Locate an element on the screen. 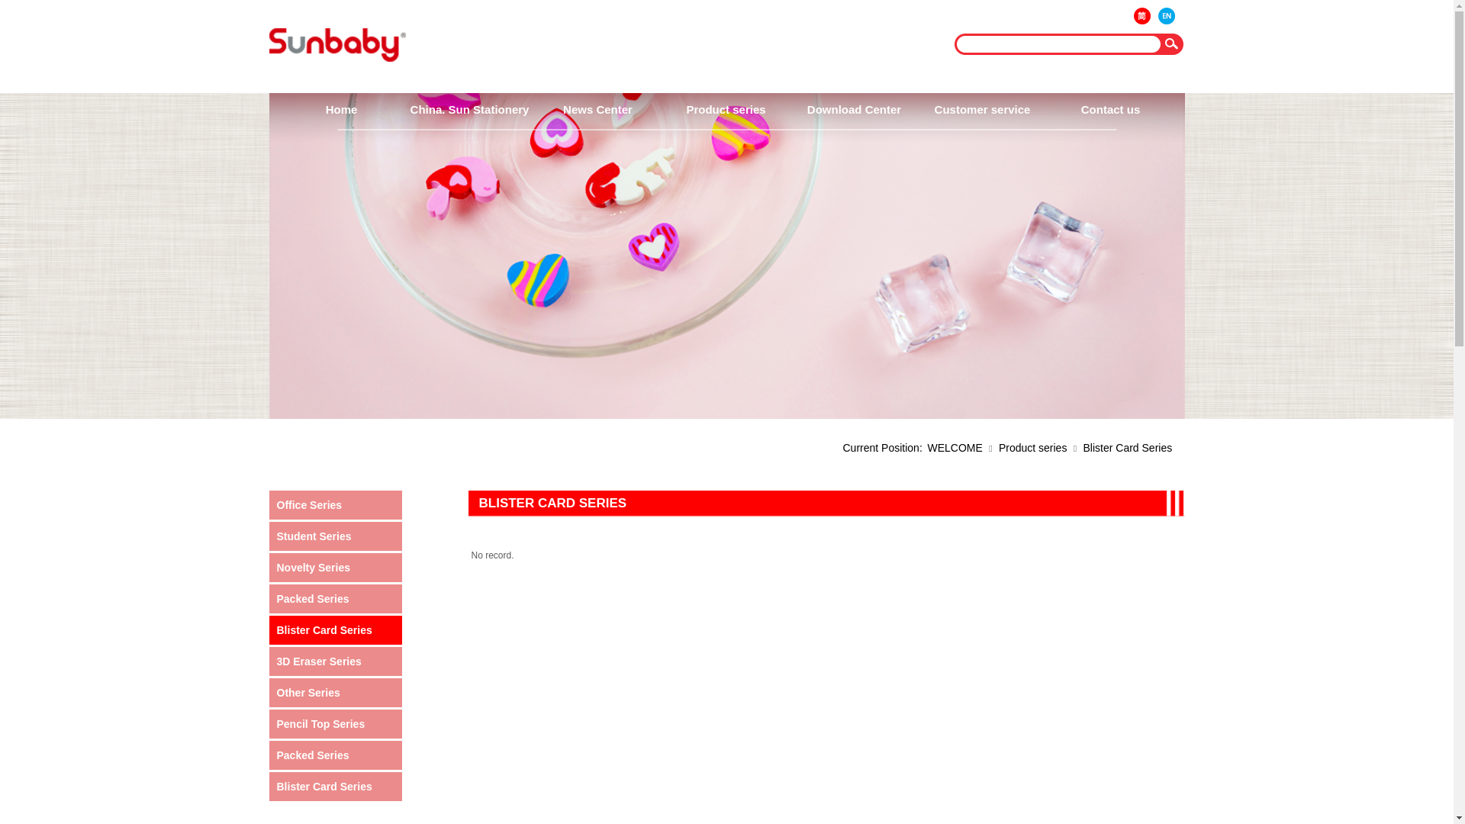 This screenshot has width=1465, height=824. 'Pencil Top Series' is located at coordinates (336, 723).